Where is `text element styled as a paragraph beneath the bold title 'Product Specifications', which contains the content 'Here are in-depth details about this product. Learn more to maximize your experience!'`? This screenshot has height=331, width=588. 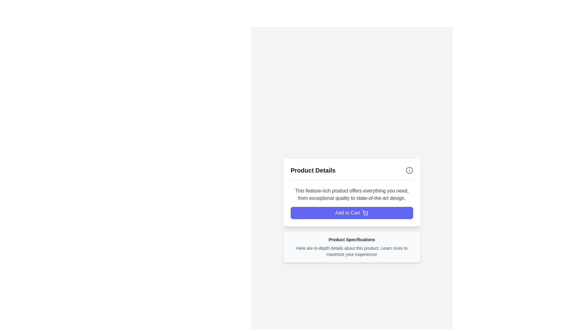
text element styled as a paragraph beneath the bold title 'Product Specifications', which contains the content 'Here are in-depth details about this product. Learn more to maximize your experience!' is located at coordinates (352, 251).